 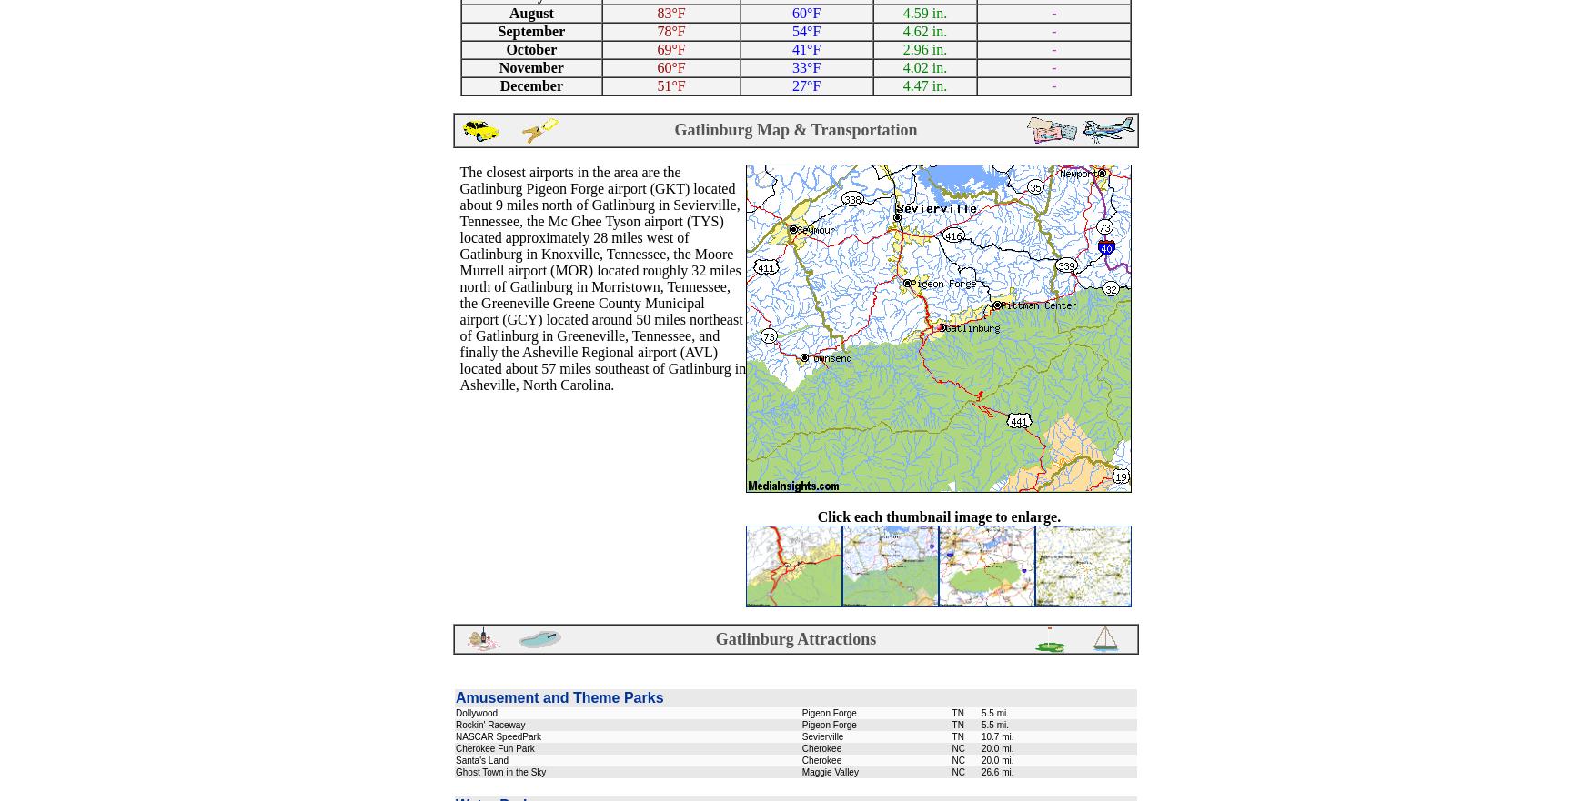 What do you see at coordinates (489, 725) in the screenshot?
I see `'Rockin' Raceway'` at bounding box center [489, 725].